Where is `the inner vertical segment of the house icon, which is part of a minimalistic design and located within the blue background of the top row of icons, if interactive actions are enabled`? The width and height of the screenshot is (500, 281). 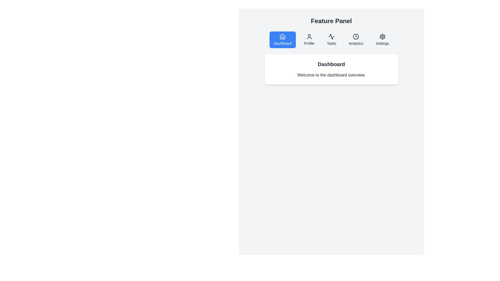 the inner vertical segment of the house icon, which is part of a minimalistic design and located within the blue background of the top row of icons, if interactive actions are enabled is located at coordinates (282, 37).